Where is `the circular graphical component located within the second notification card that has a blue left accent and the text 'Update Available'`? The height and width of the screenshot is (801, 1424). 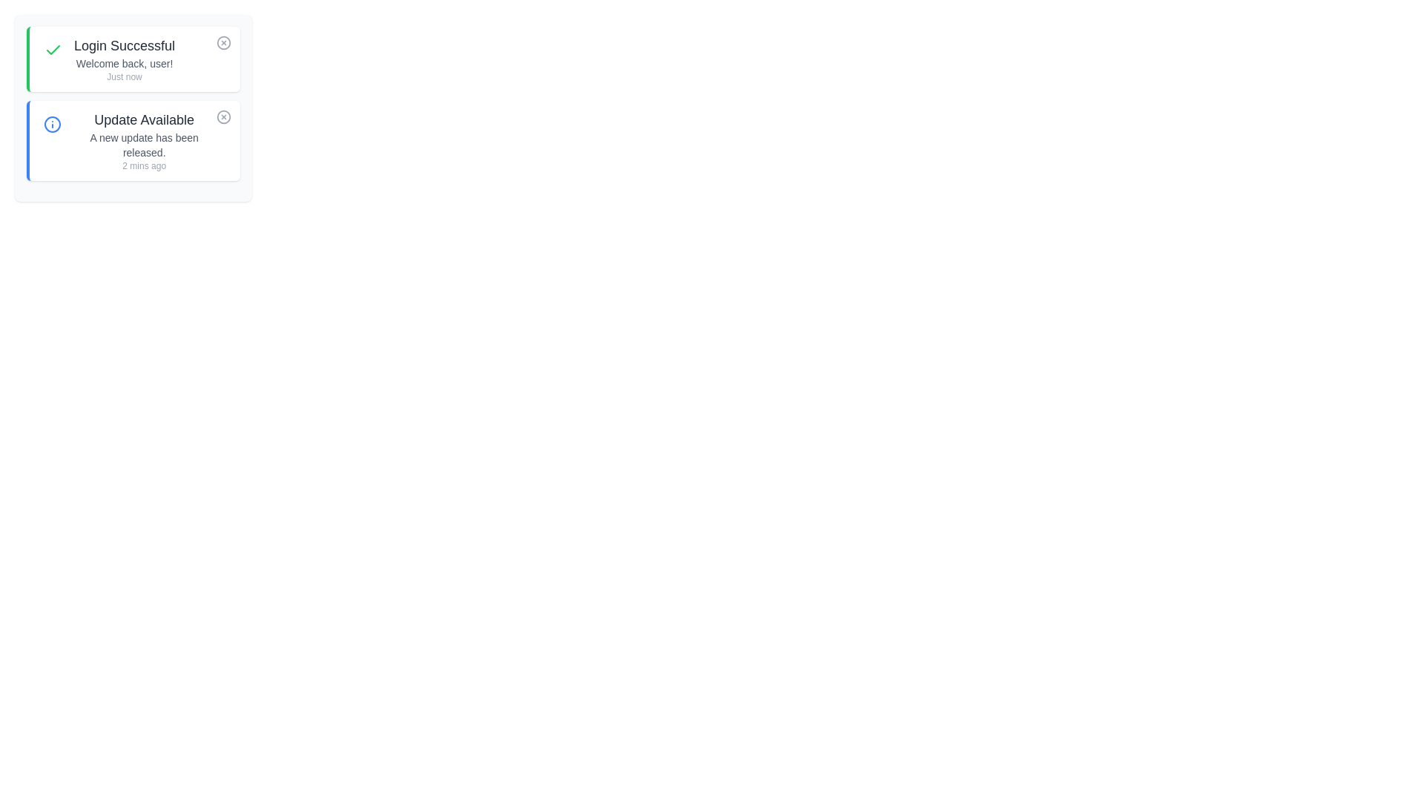 the circular graphical component located within the second notification card that has a blue left accent and the text 'Update Available' is located at coordinates (223, 116).